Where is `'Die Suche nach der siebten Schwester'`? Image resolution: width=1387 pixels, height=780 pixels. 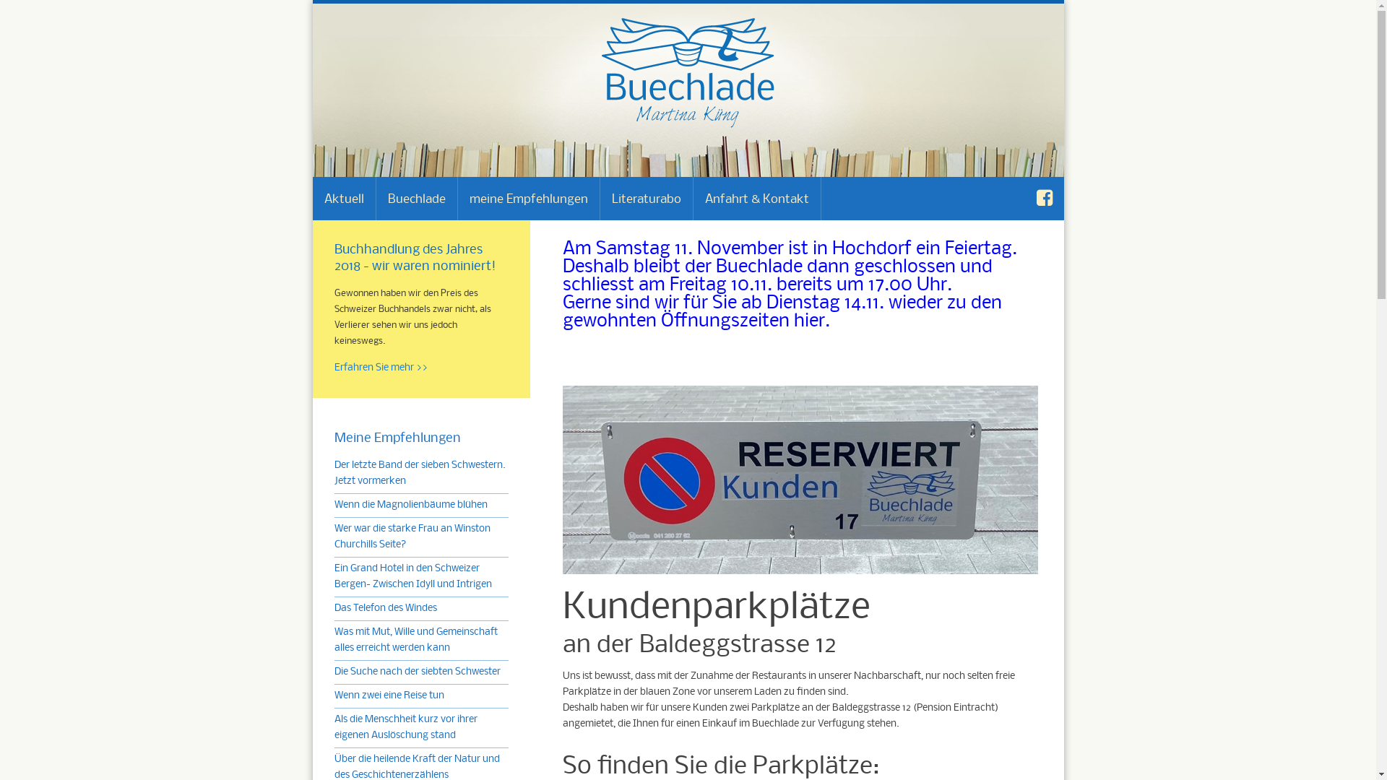
'Die Suche nach der siebten Schwester' is located at coordinates (415, 672).